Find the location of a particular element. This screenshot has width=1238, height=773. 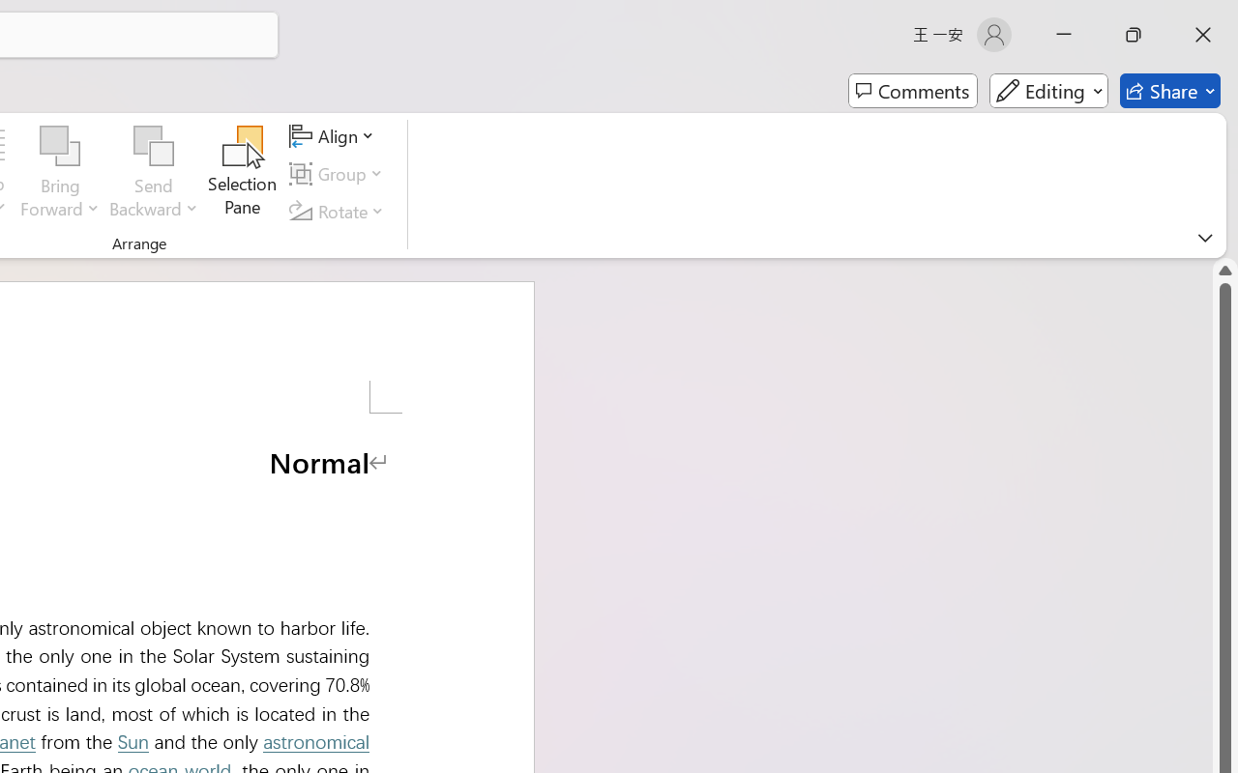

'Send Backward' is located at coordinates (153, 146).